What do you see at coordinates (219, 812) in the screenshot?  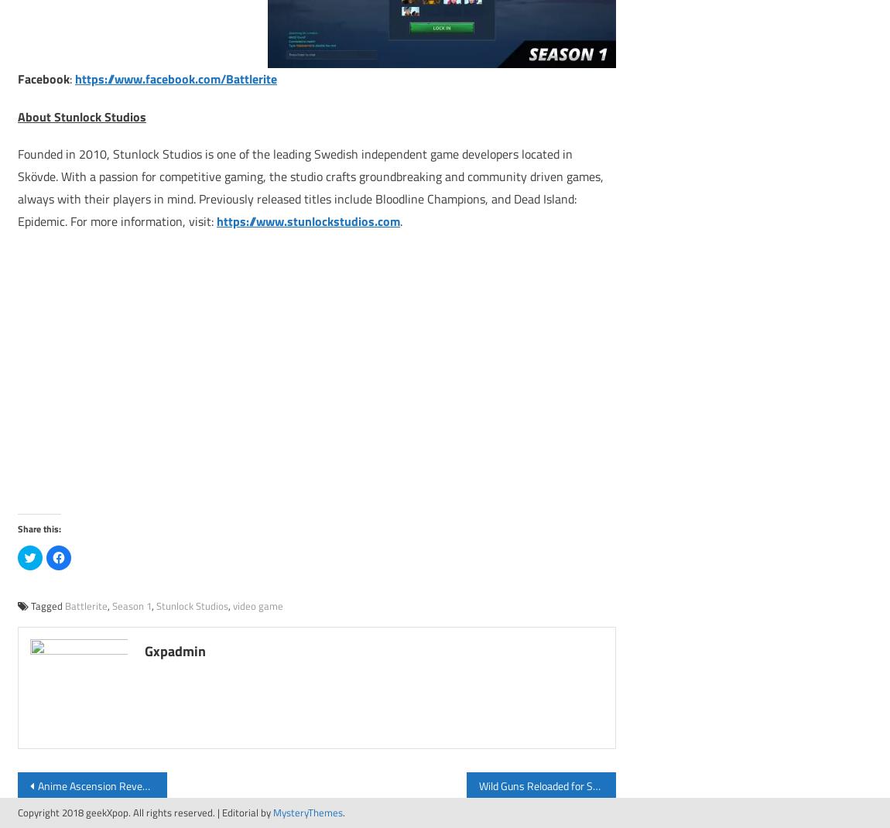 I see `'|'` at bounding box center [219, 812].